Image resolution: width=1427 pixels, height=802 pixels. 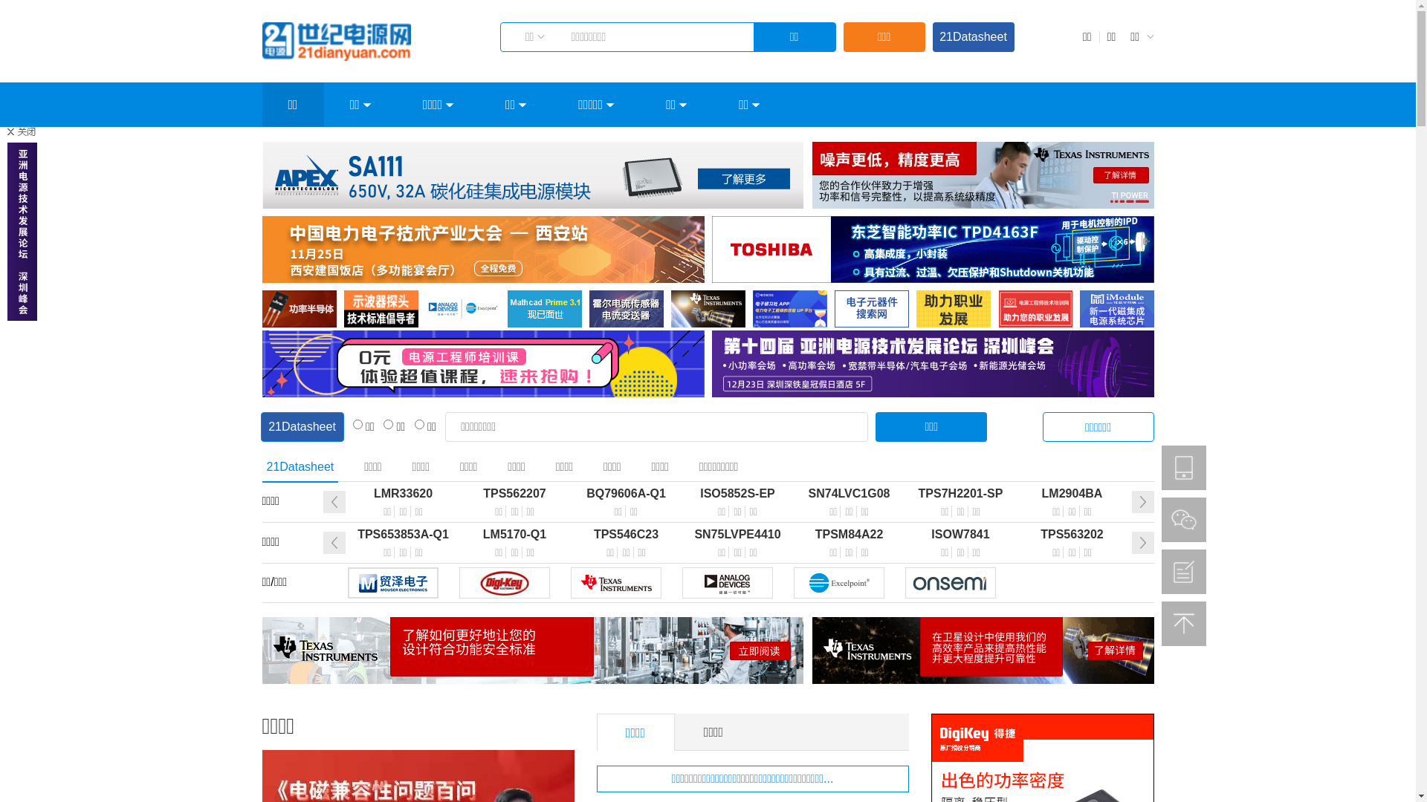 What do you see at coordinates (403, 535) in the screenshot?
I see `'TPS653853A-Q1'` at bounding box center [403, 535].